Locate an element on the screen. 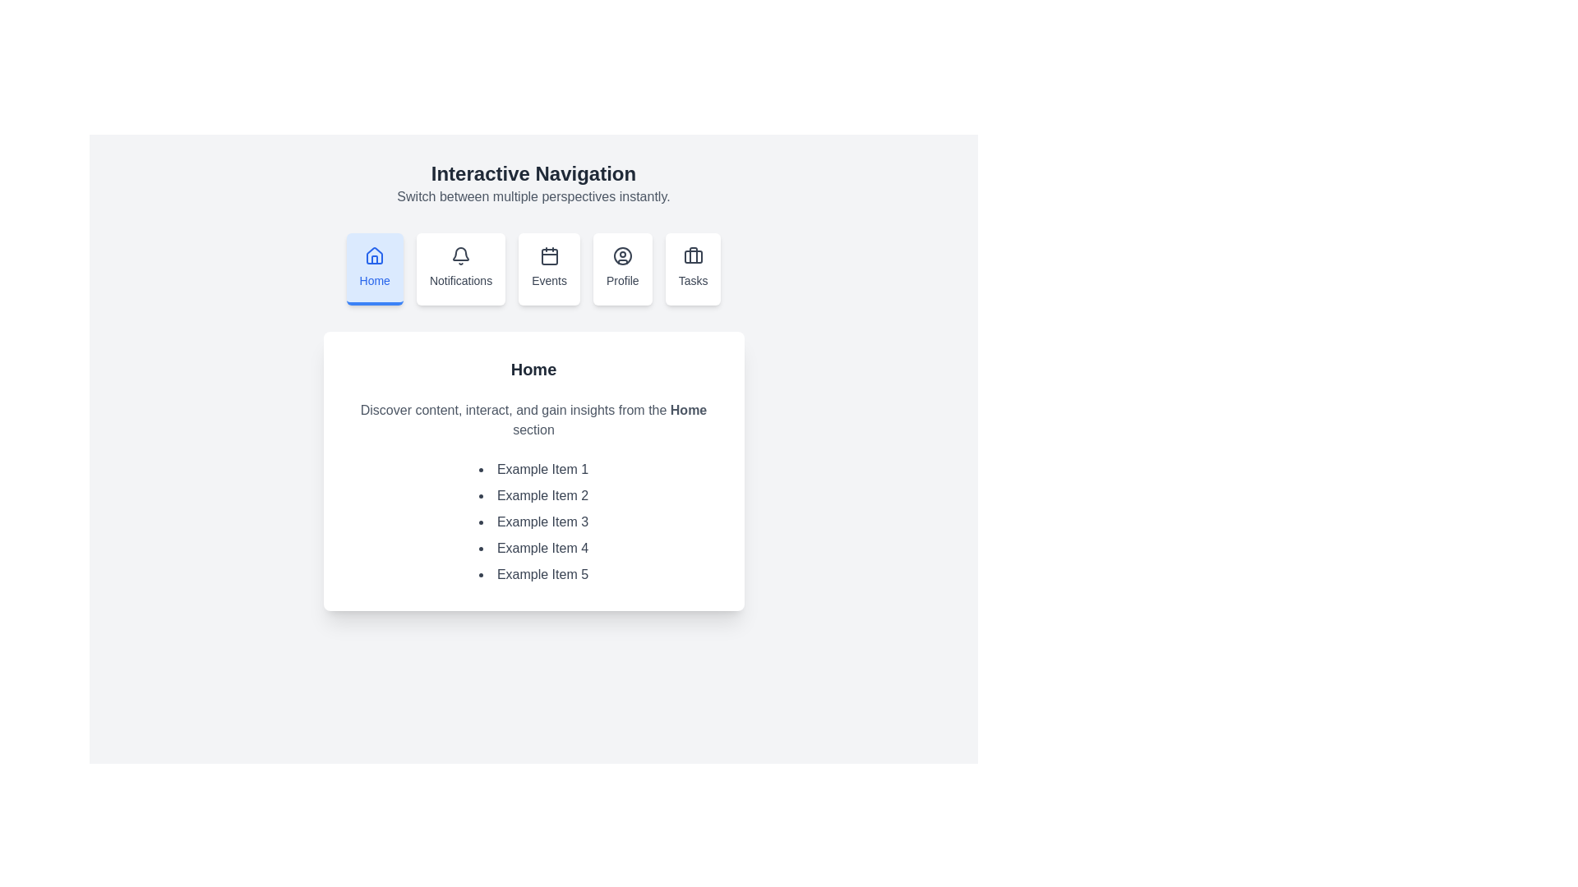 The image size is (1578, 887). the text label displaying the word 'Home' located in the center-right part of the content card, just before the word 'section' is located at coordinates (689, 409).